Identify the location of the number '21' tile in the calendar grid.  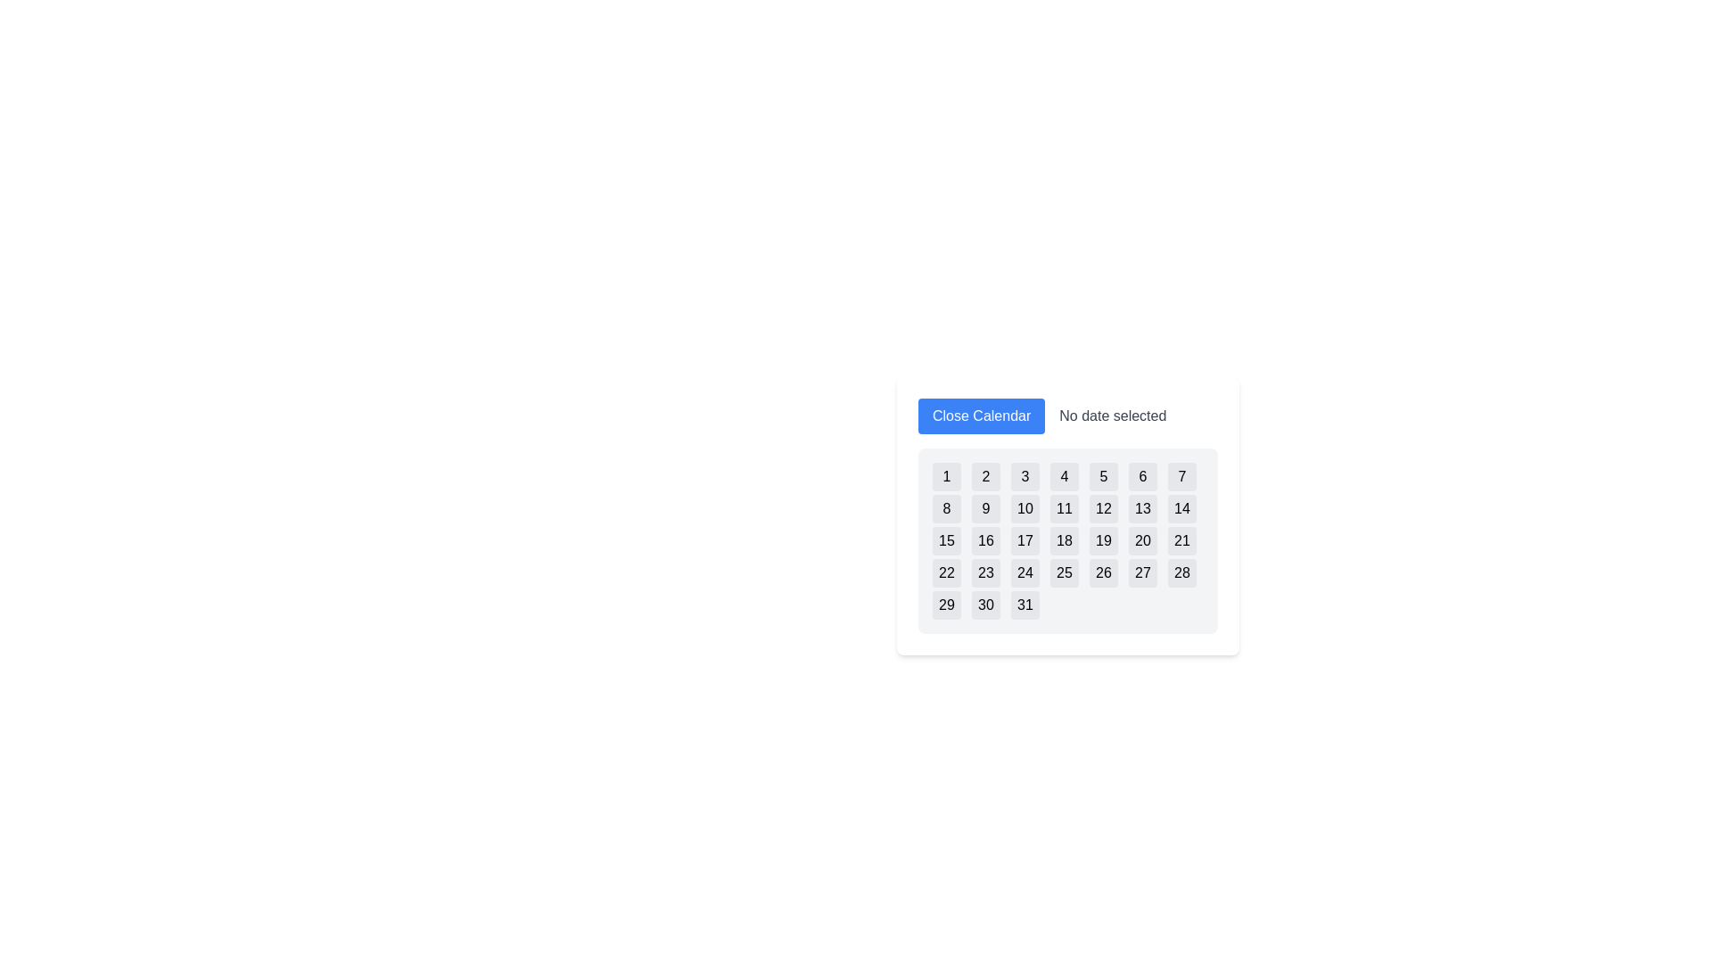
(1181, 539).